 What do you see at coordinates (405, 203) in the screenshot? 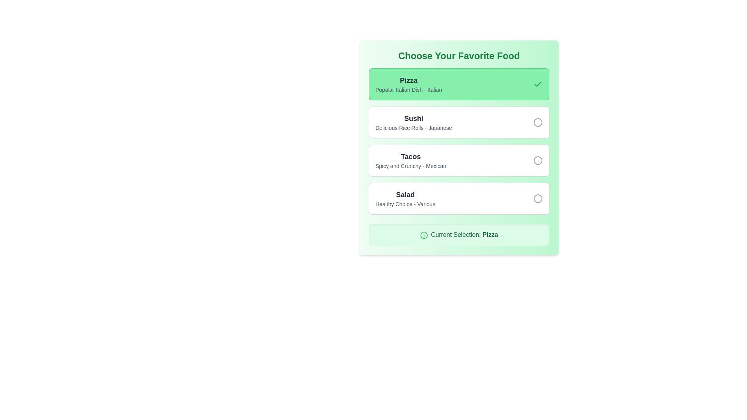
I see `the text label reading 'Healthy Choice - Various', which appears as a subtitle below the 'Salad' label in the fourth item card` at bounding box center [405, 203].